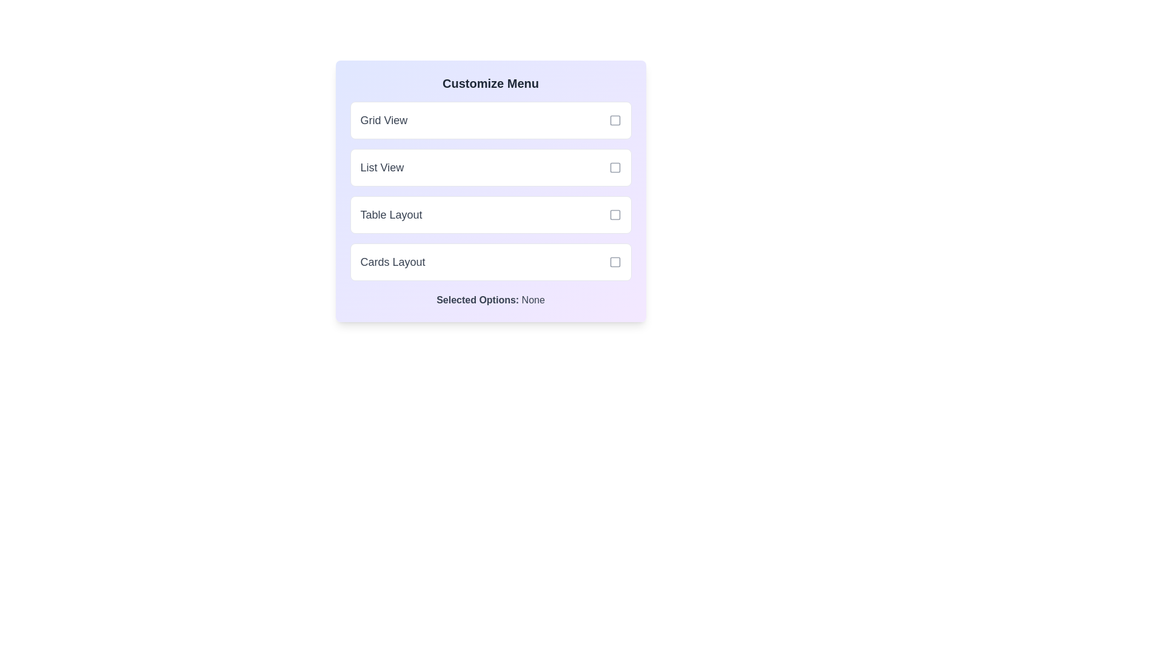 This screenshot has width=1164, height=654. What do you see at coordinates (381, 168) in the screenshot?
I see `text of the 'List View' text label, which is the second item in the vertical list of selectable menu options` at bounding box center [381, 168].